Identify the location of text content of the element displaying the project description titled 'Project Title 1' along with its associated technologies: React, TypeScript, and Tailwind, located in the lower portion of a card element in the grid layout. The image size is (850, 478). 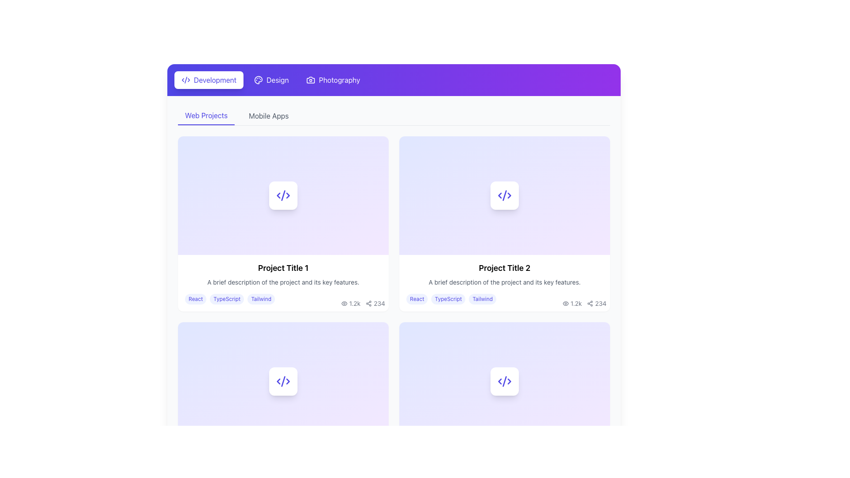
(282, 283).